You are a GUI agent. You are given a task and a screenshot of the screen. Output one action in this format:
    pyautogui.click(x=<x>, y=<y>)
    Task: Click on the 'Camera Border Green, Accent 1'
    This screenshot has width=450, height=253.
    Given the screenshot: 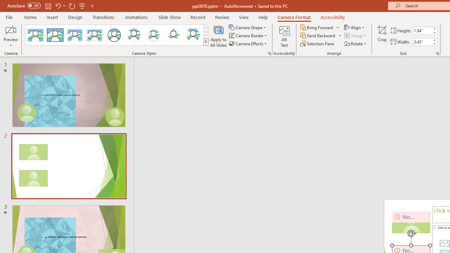 What is the action you would take?
    pyautogui.click(x=231, y=35)
    